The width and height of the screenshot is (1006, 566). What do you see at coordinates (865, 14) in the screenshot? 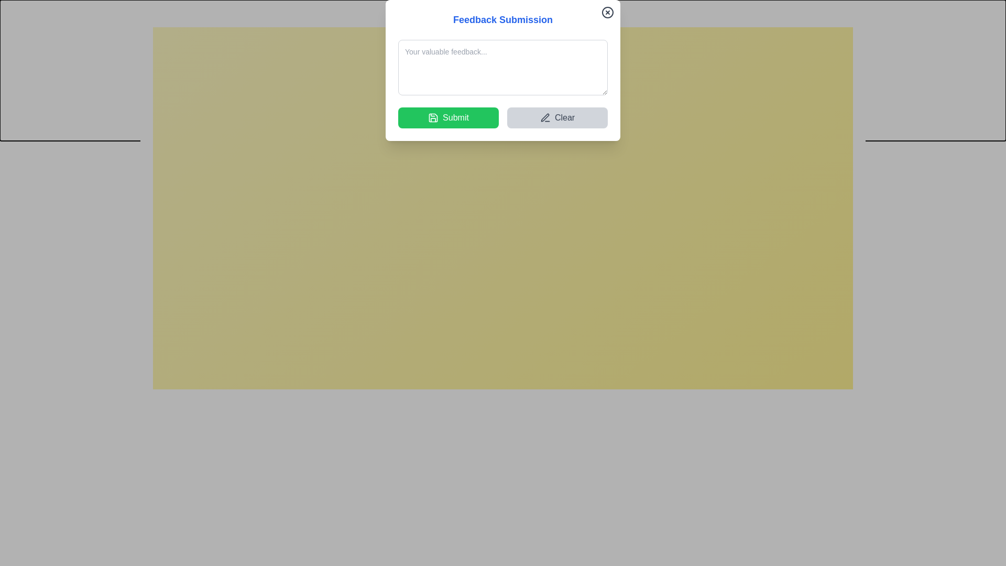
I see `the 'Close' button in the top-right corner of the dialog` at bounding box center [865, 14].